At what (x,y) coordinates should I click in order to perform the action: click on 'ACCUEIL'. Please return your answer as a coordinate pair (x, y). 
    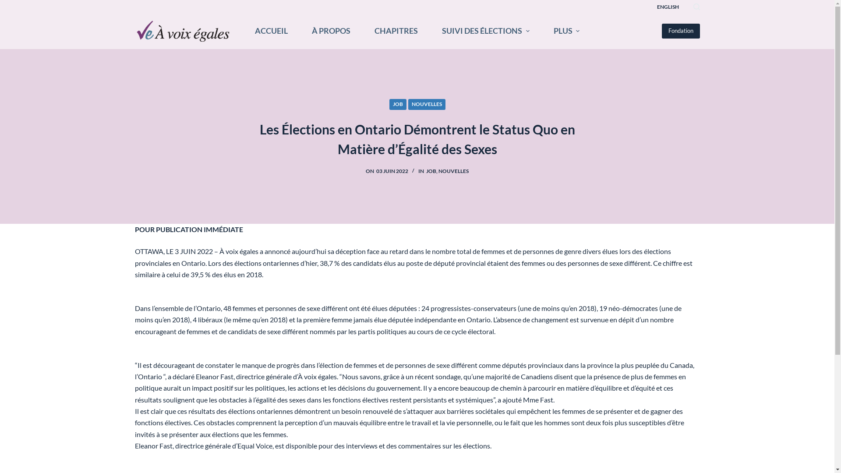
    Looking at the image, I should click on (271, 30).